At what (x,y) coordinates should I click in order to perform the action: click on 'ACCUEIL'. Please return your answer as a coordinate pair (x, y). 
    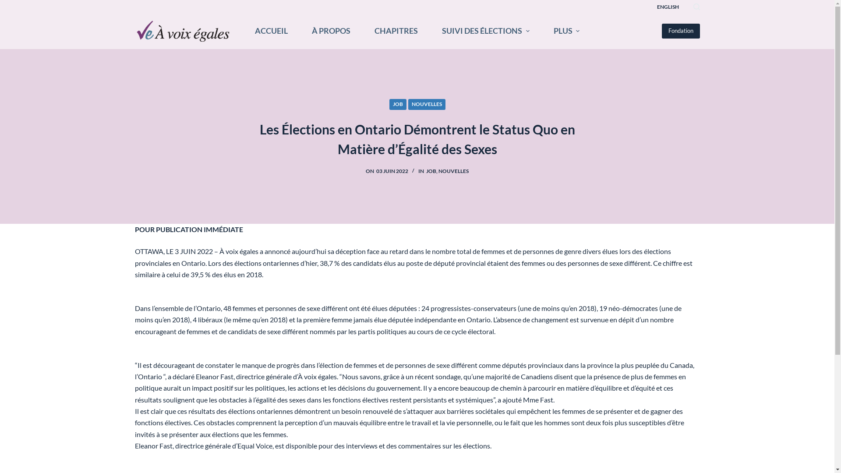
    Looking at the image, I should click on (271, 30).